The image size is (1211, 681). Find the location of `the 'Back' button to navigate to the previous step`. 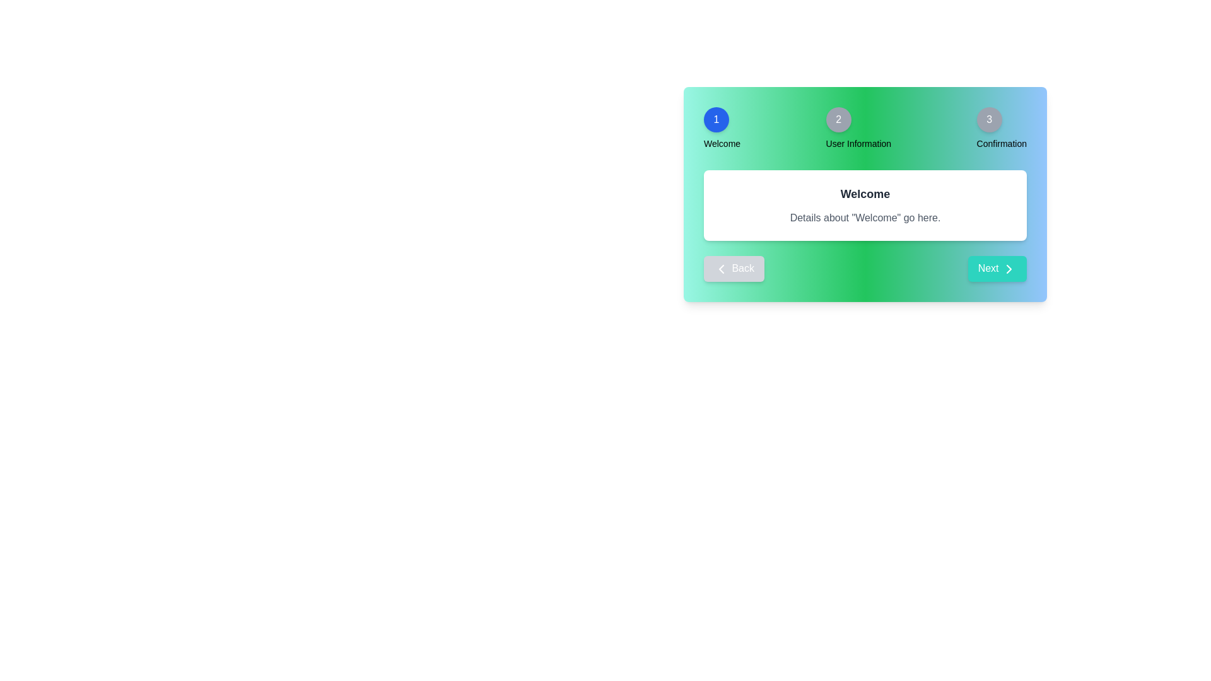

the 'Back' button to navigate to the previous step is located at coordinates (734, 267).